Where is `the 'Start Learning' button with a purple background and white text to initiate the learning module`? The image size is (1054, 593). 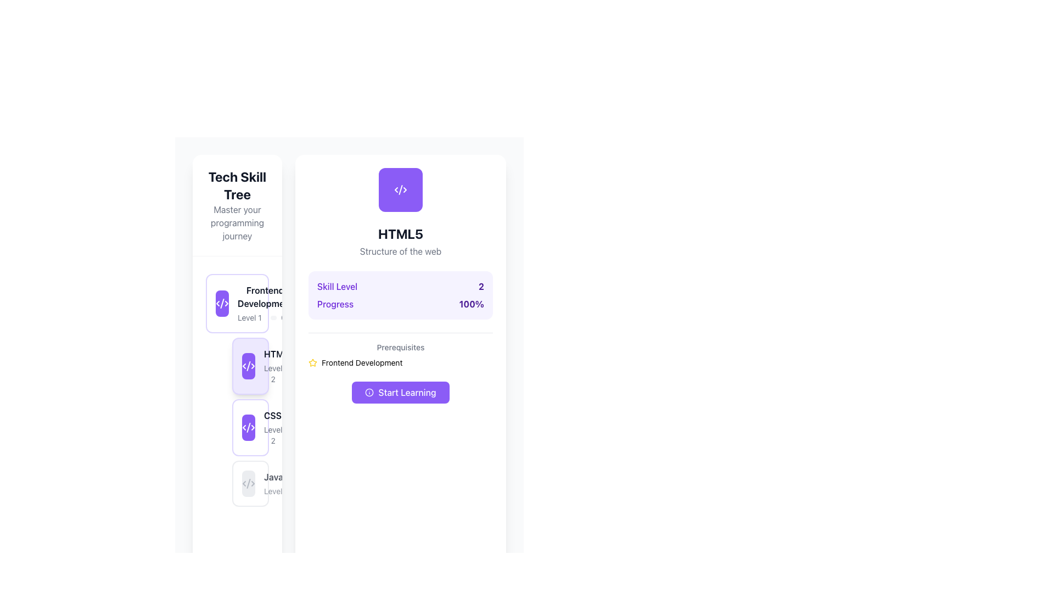 the 'Start Learning' button with a purple background and white text to initiate the learning module is located at coordinates (400, 391).